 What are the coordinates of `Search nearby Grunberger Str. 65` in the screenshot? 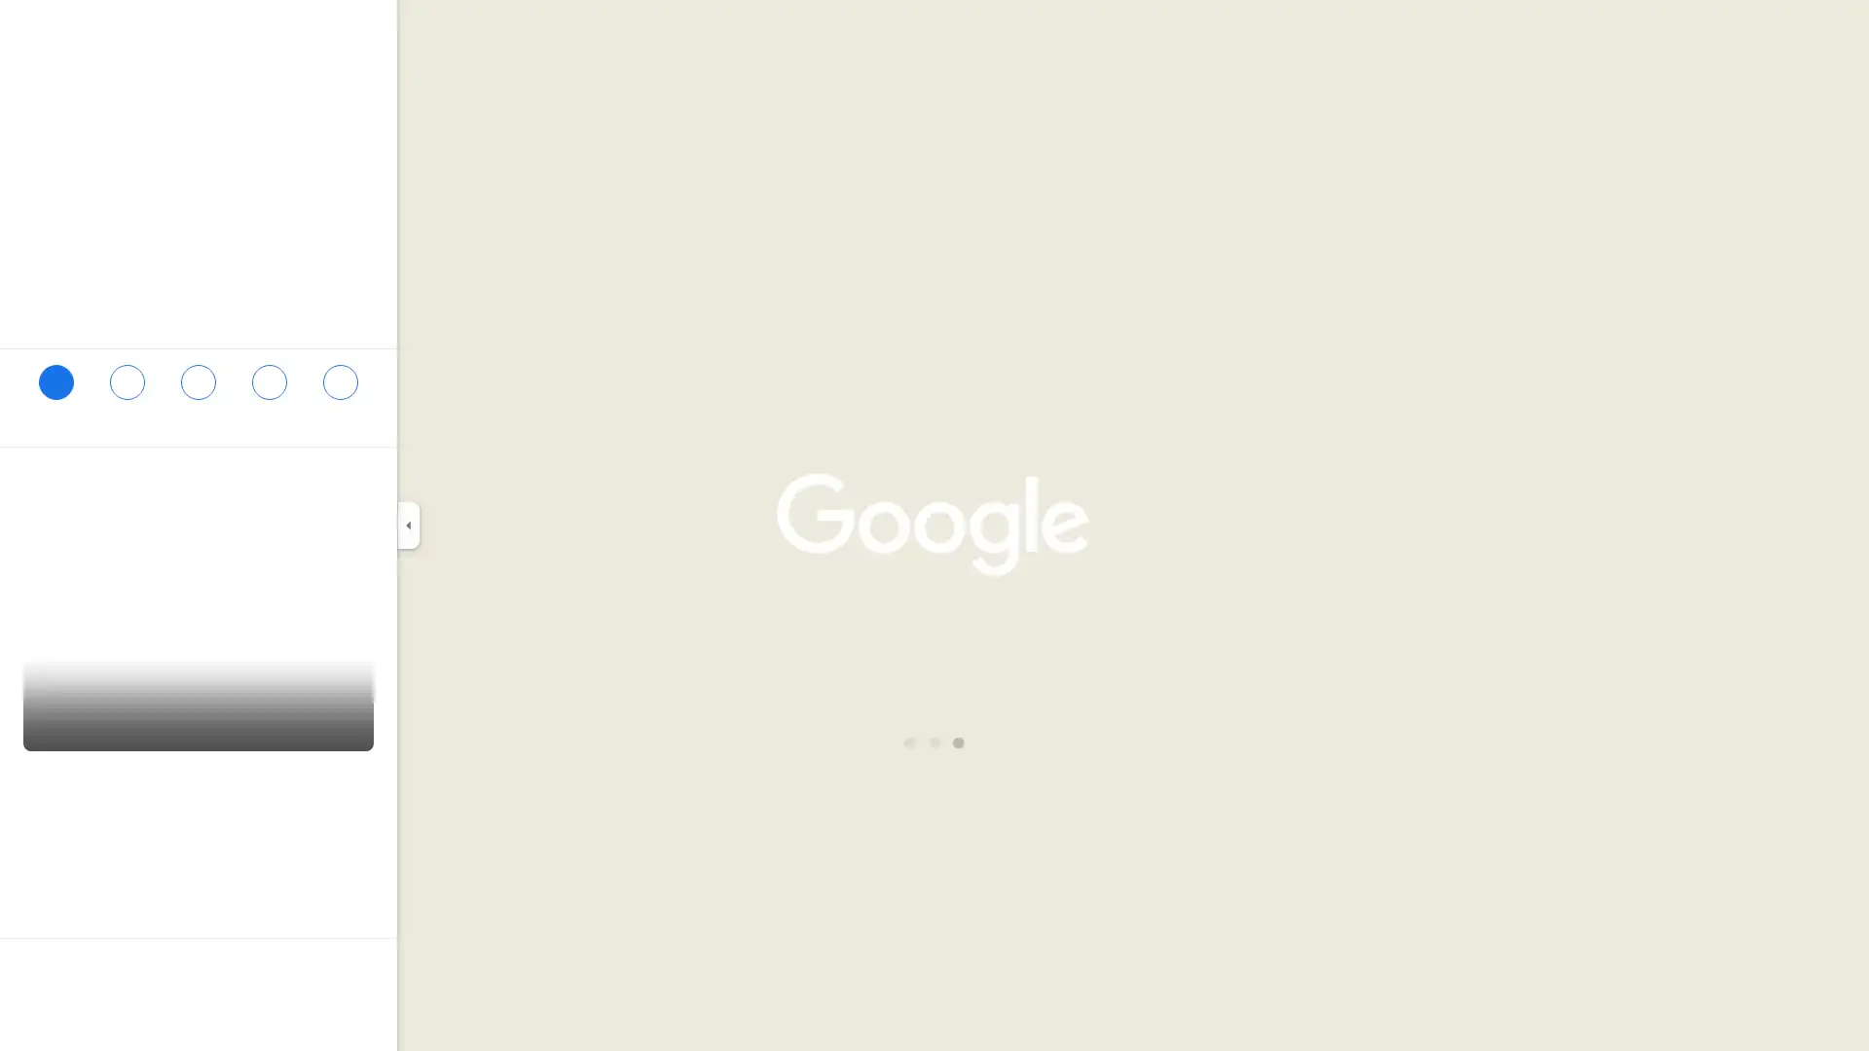 It's located at (198, 390).